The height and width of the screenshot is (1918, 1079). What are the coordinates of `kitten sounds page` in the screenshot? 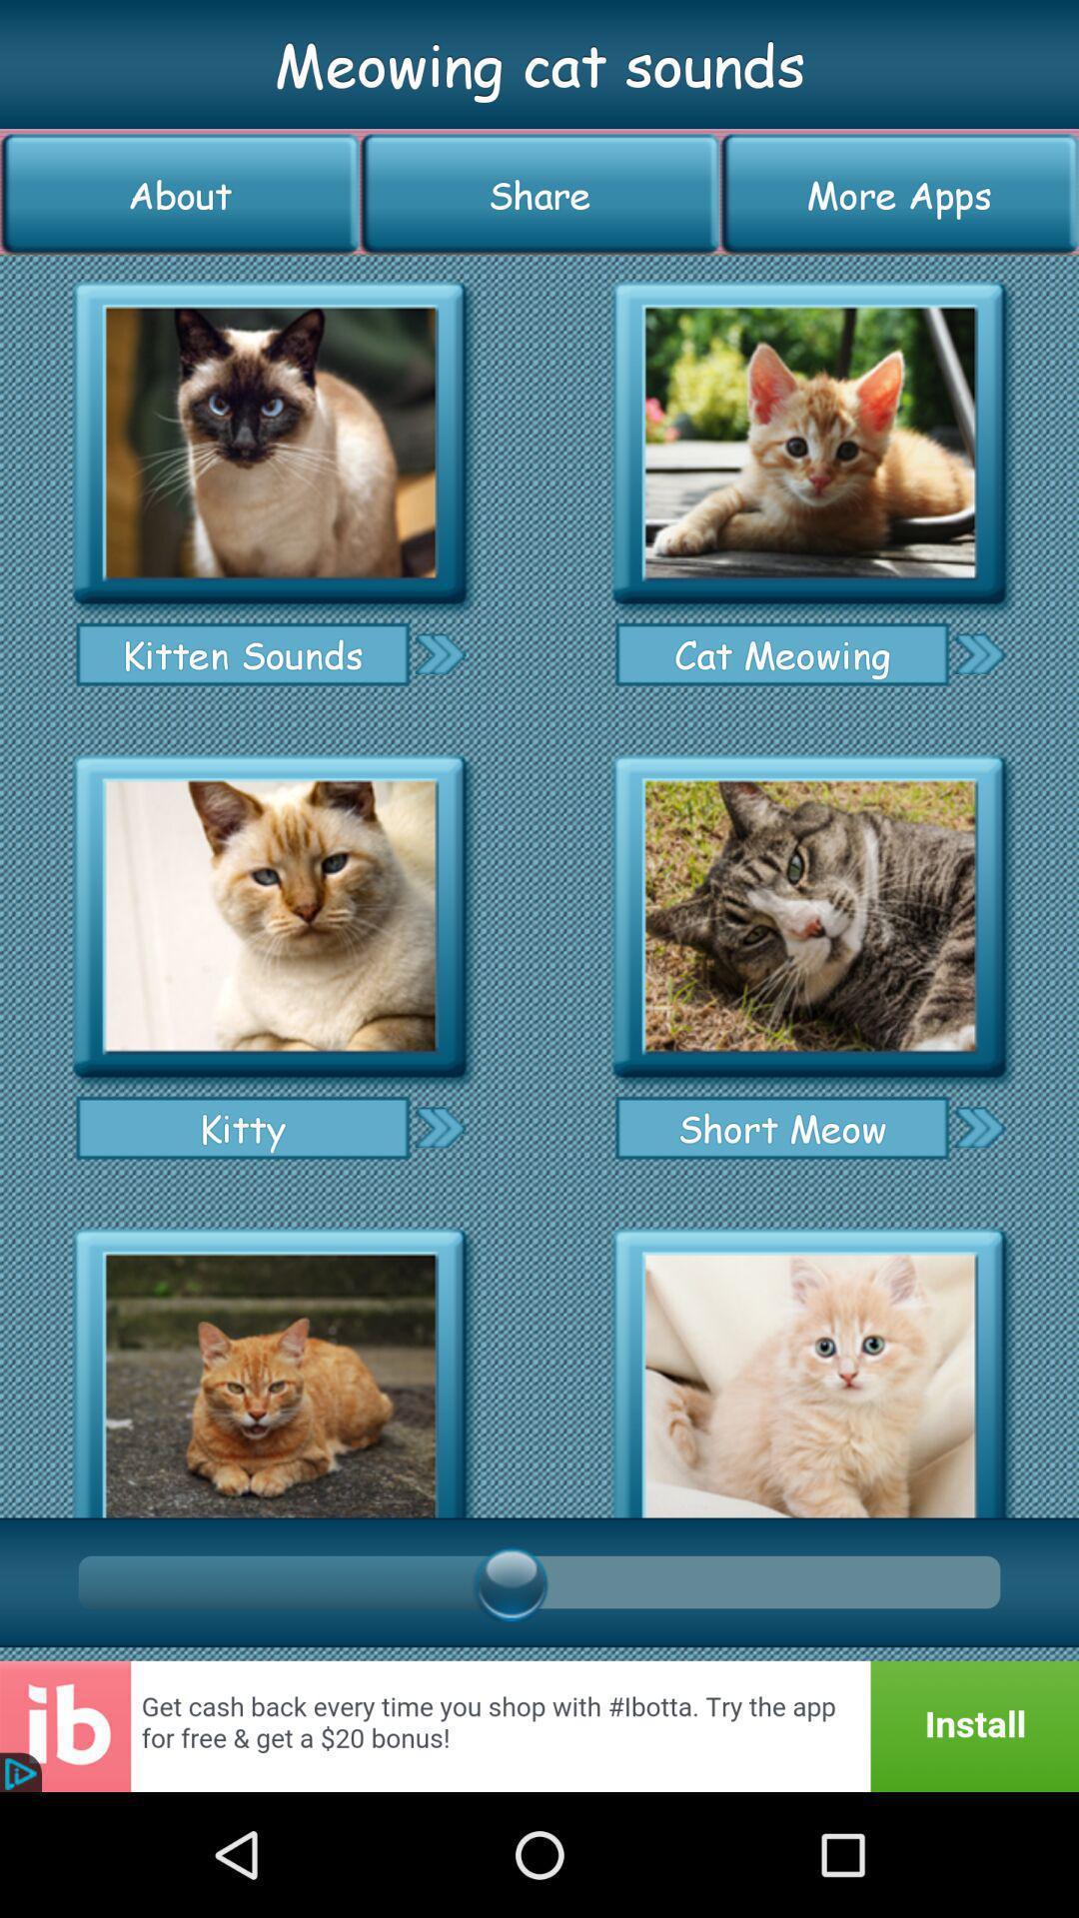 It's located at (439, 653).